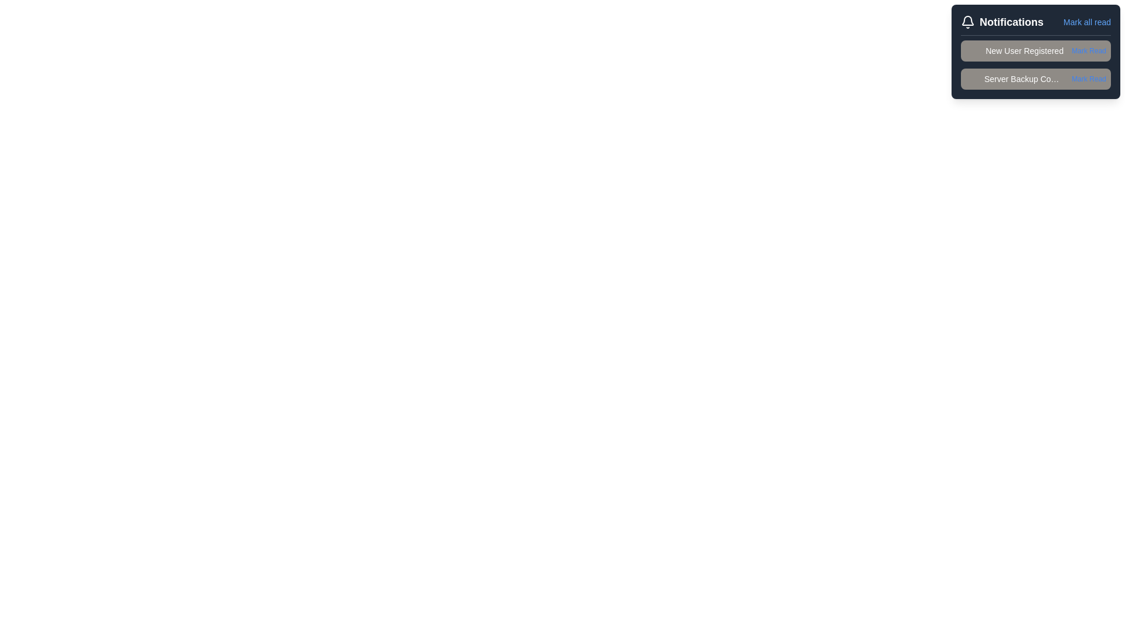 This screenshot has height=633, width=1125. What do you see at coordinates (1088, 79) in the screenshot?
I see `the text link on the far-right side of the 'Server Backup Completed' notification to mark it as read` at bounding box center [1088, 79].